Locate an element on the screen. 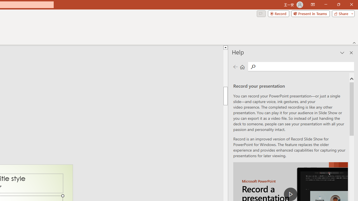 Image resolution: width=358 pixels, height=201 pixels. 'Page up' is located at coordinates (225, 68).